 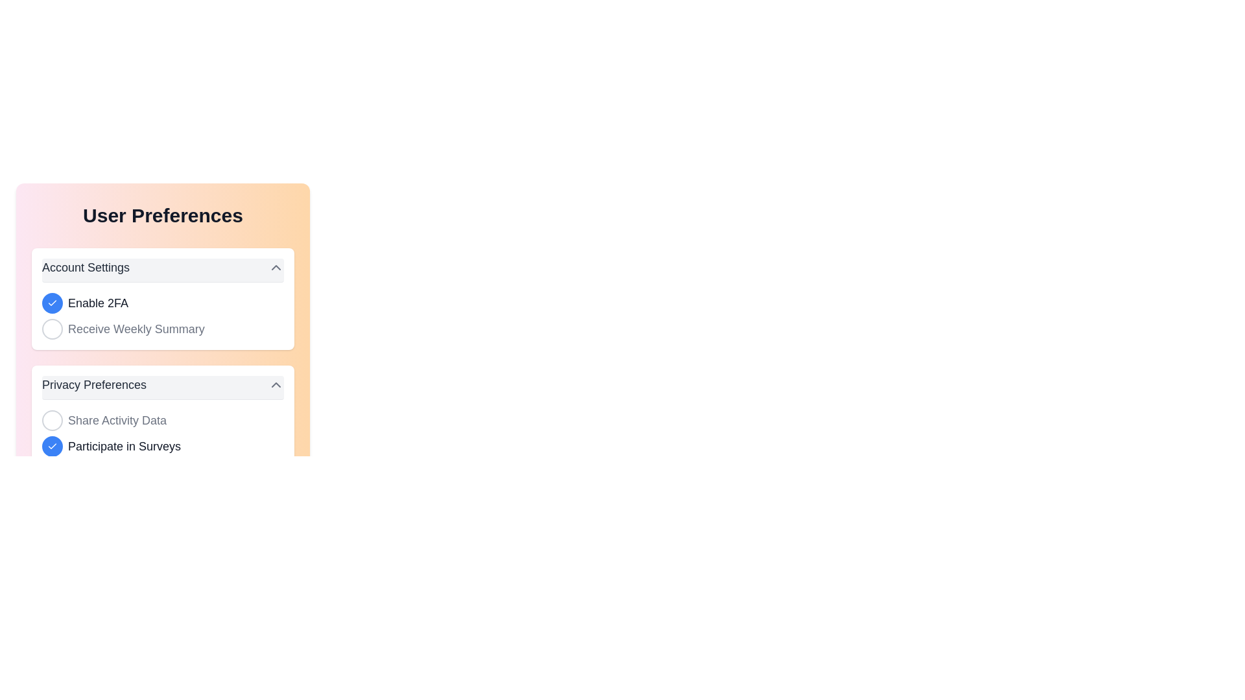 I want to click on the 'Receive Weekly Summary' option in the collapsible settings section under 'Account Settings', so click(x=162, y=299).